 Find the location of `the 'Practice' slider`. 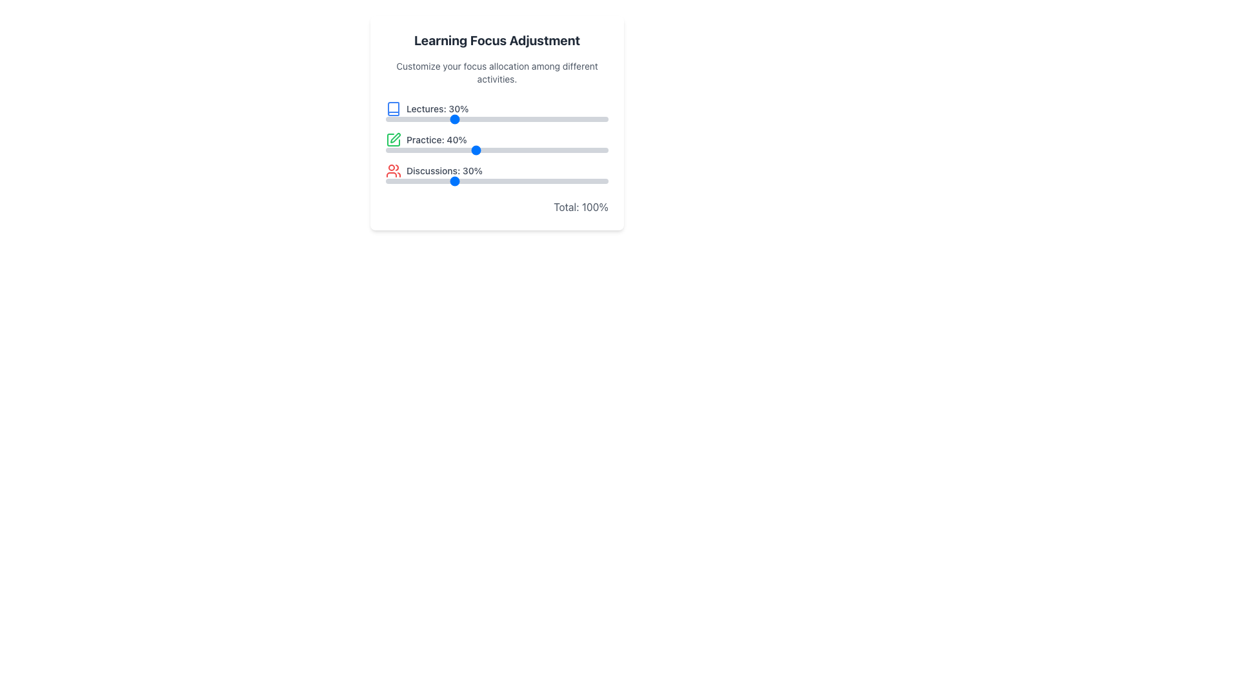

the 'Practice' slider is located at coordinates (528, 149).